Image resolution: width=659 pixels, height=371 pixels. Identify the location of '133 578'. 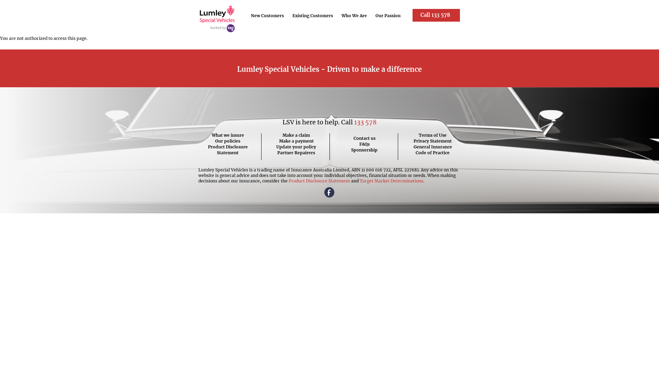
(354, 122).